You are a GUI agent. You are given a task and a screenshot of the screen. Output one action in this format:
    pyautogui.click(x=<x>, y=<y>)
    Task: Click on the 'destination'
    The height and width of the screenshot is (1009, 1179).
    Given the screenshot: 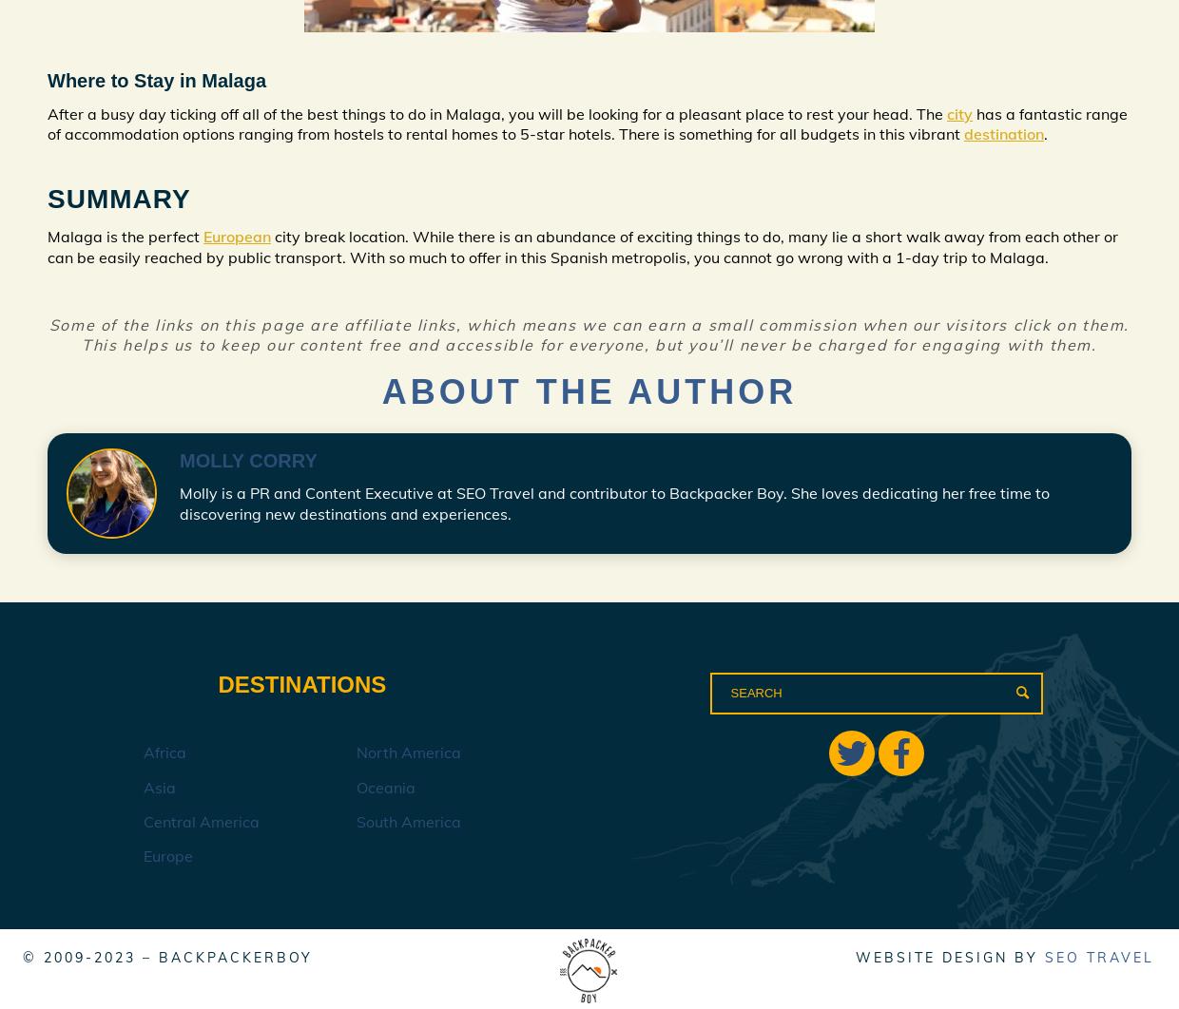 What is the action you would take?
    pyautogui.click(x=1003, y=134)
    